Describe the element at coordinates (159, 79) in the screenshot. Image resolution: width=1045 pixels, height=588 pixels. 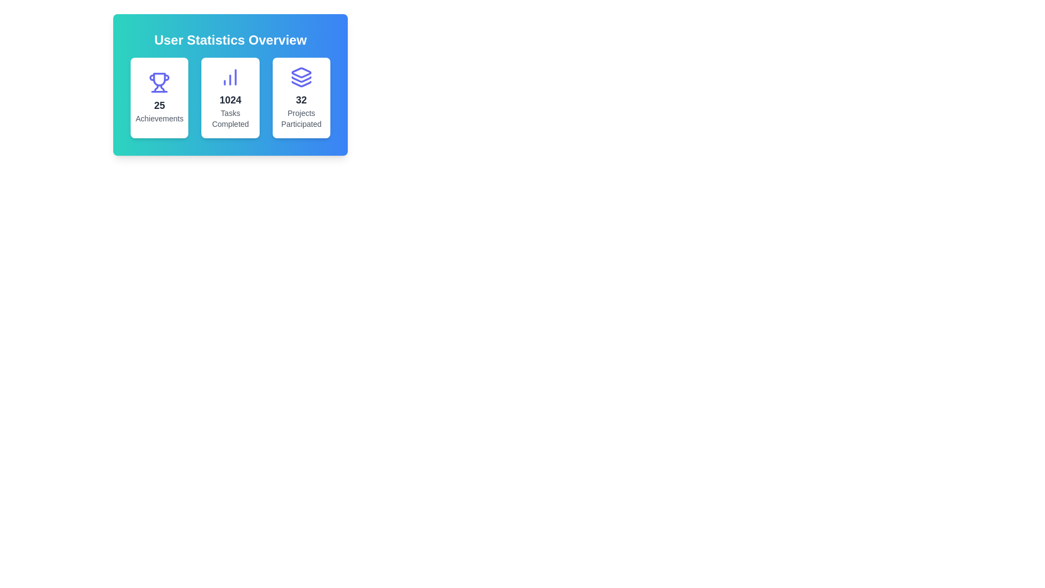
I see `the trophy icon representing achievements, located in the first card under 'User Statistics Overview', above the text '25 Achievements'` at that location.